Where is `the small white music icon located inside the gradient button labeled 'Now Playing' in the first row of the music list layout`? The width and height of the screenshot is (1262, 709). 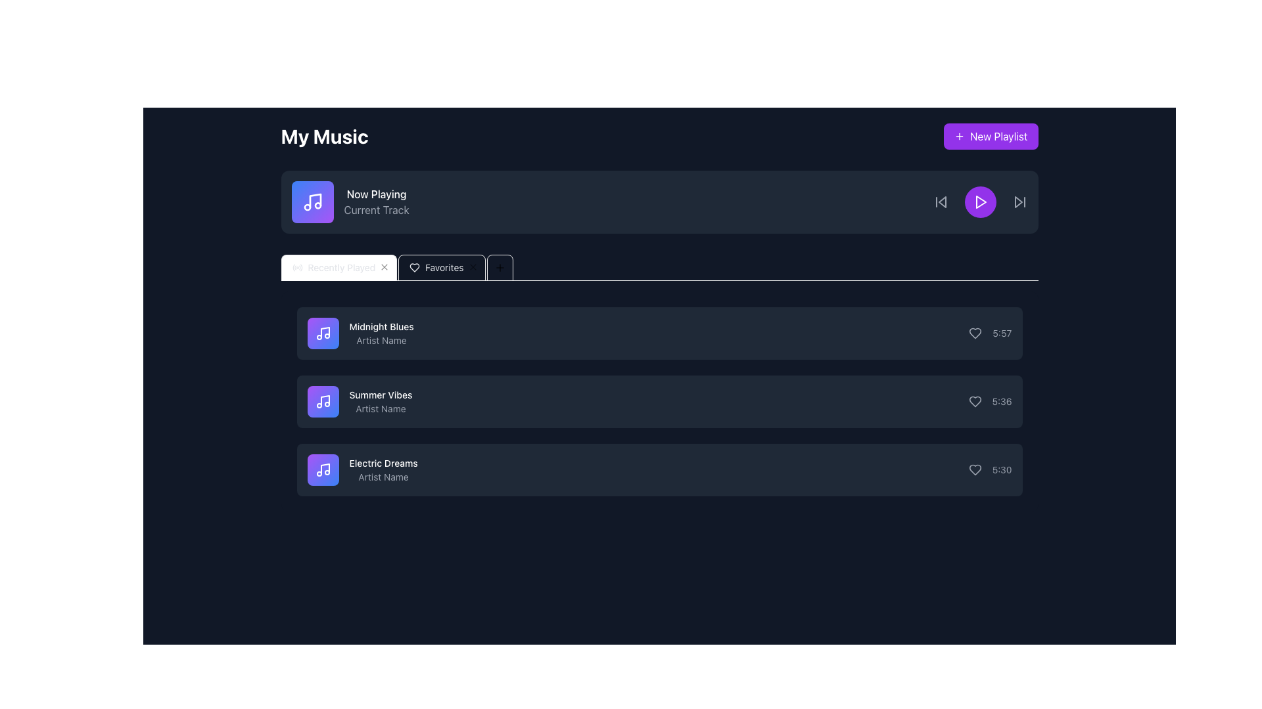
the small white music icon located inside the gradient button labeled 'Now Playing' in the first row of the music list layout is located at coordinates (323, 333).